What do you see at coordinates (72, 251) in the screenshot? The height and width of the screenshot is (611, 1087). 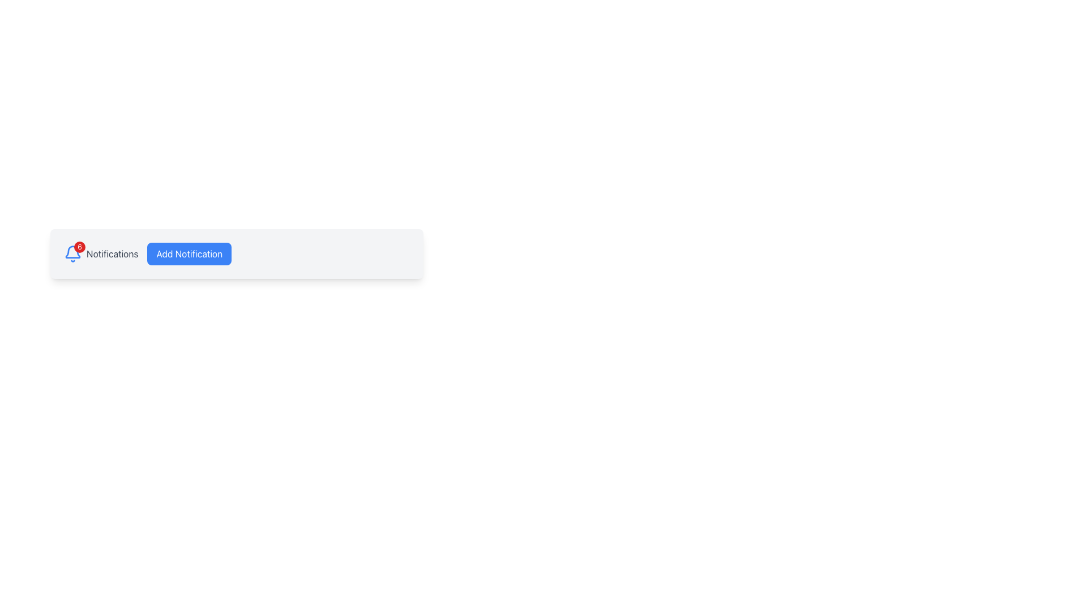 I see `the lower part of the bell icon representing notifications, located left of the 'Notifications' label` at bounding box center [72, 251].